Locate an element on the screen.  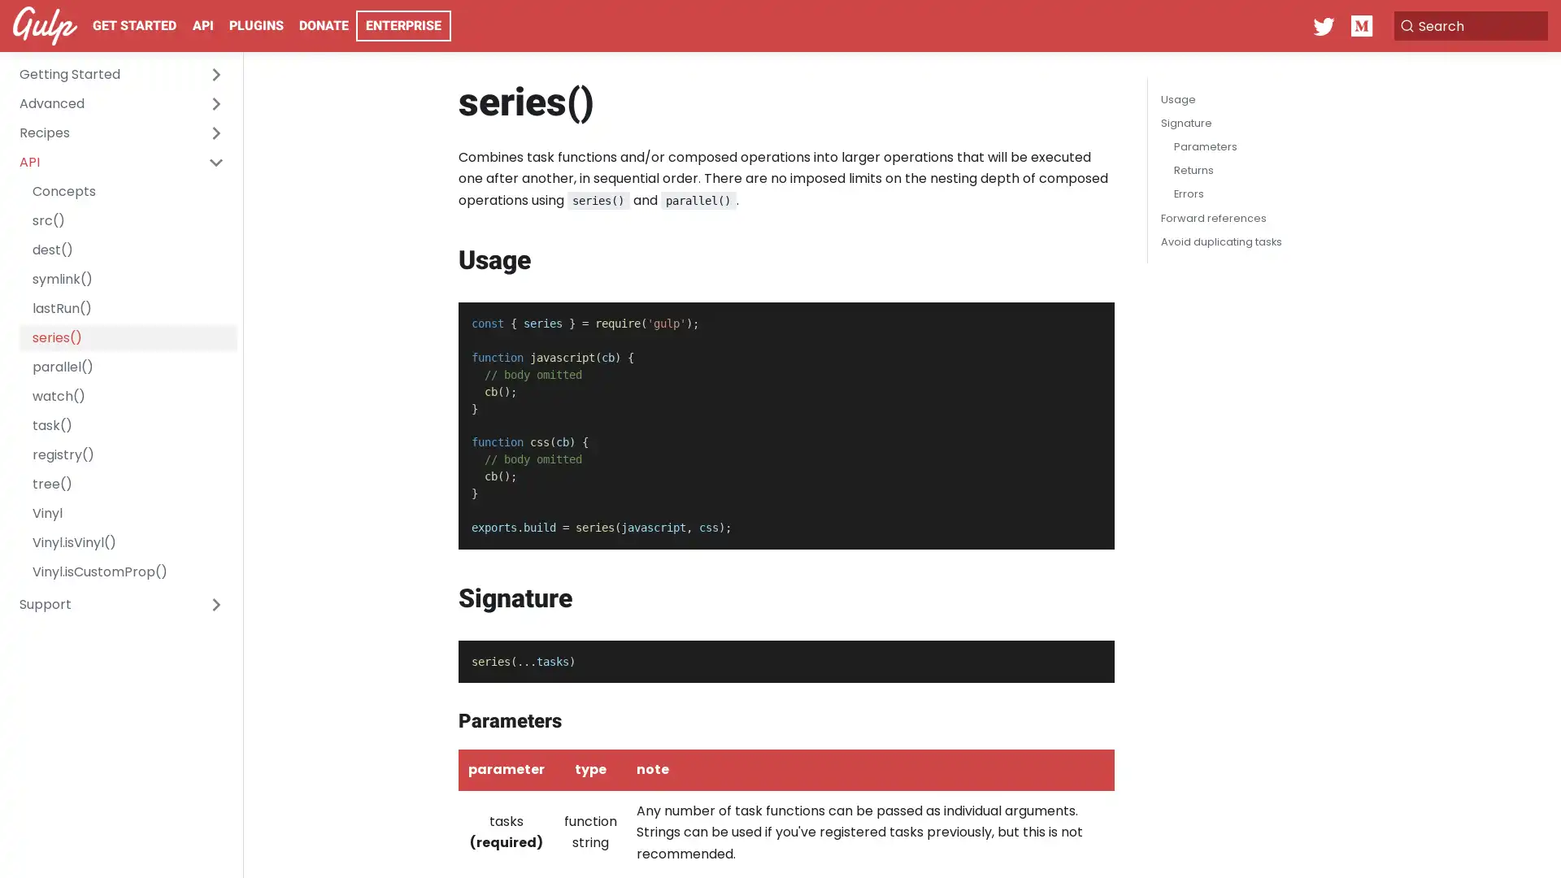
Copy code to clipboard is located at coordinates (1088, 657).